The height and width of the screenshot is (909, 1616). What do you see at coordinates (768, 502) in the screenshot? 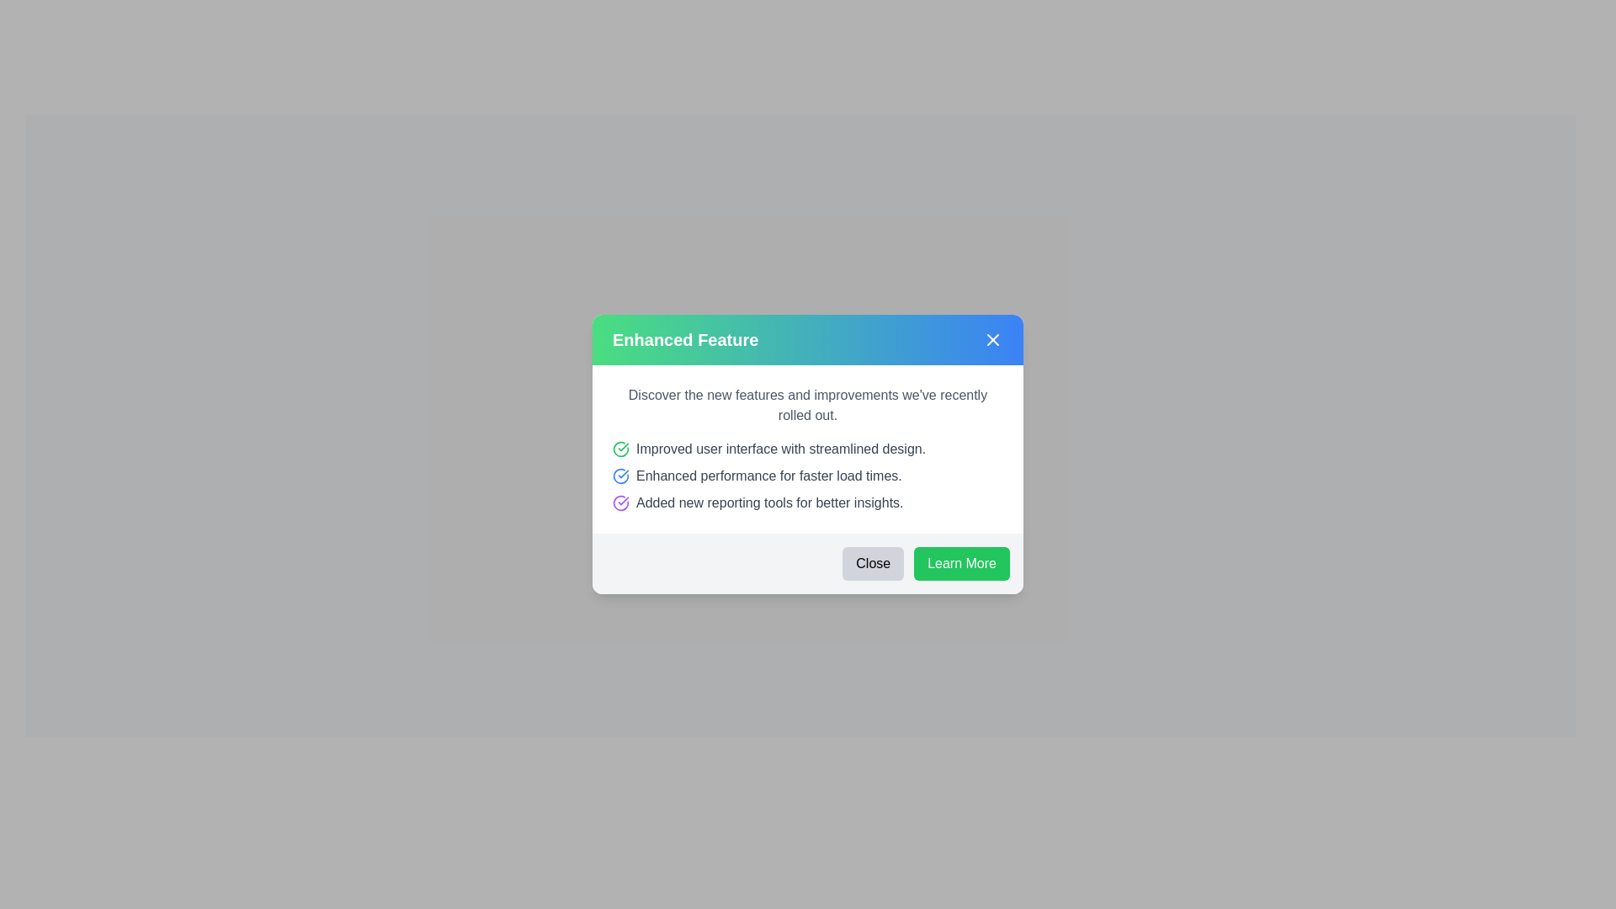
I see `the text label that displays 'Added new reporting tools for better insights.' which is the third item in a vertical list within the 'Enhanced Feature' modal` at bounding box center [768, 502].